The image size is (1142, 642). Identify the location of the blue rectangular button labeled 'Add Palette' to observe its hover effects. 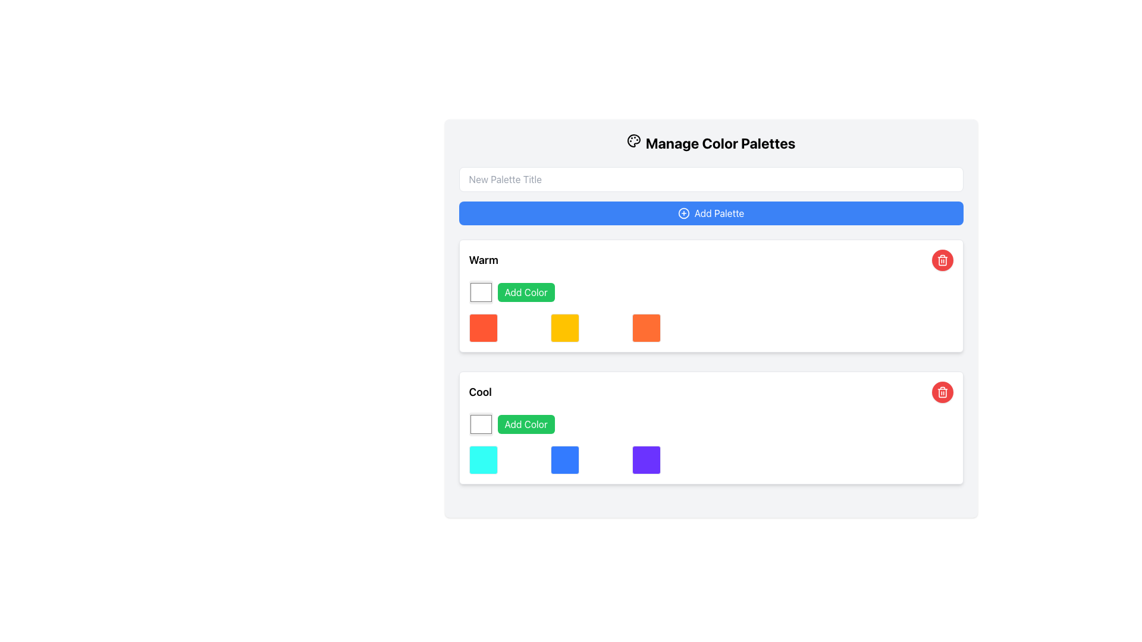
(711, 212).